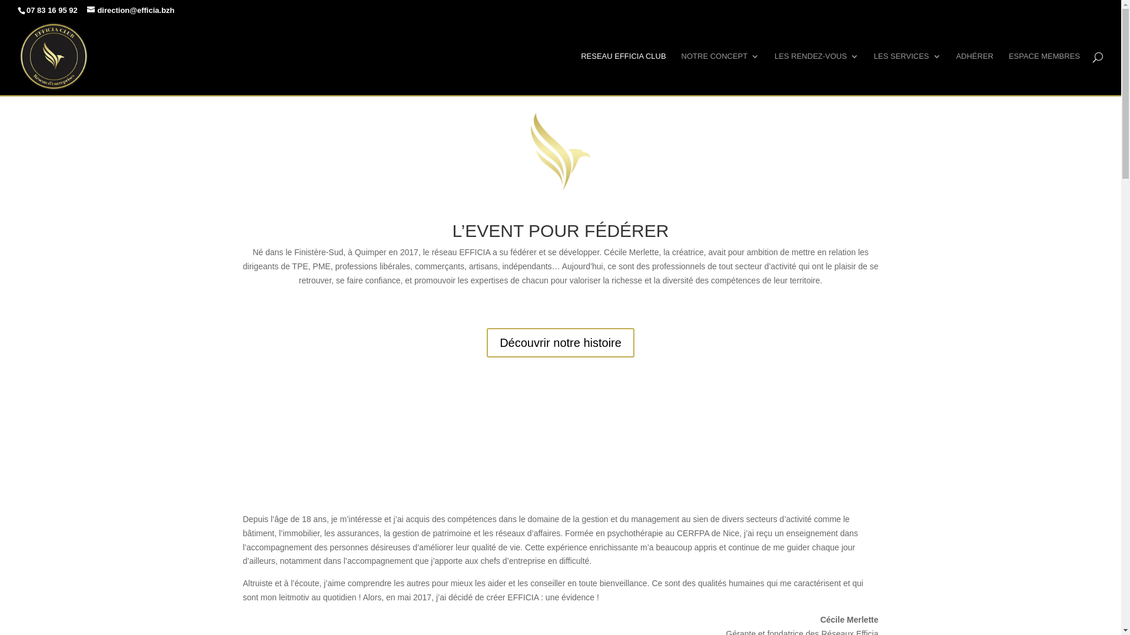 Image resolution: width=1130 pixels, height=635 pixels. I want to click on 'direction@efficia.bzh', so click(87, 10).